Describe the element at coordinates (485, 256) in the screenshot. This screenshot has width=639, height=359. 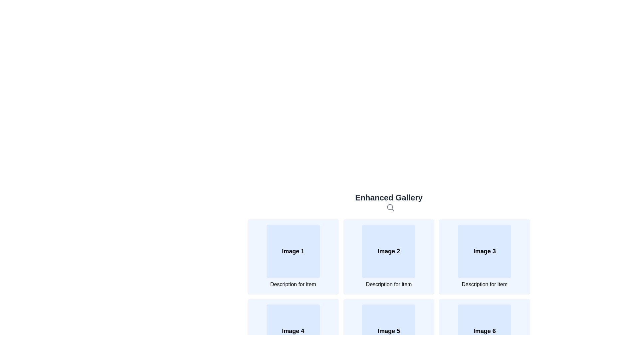
I see `the third card in a grid layout, located in the top row, rightmost position, which has a light blue background and is labeled 'Image 3'` at that location.